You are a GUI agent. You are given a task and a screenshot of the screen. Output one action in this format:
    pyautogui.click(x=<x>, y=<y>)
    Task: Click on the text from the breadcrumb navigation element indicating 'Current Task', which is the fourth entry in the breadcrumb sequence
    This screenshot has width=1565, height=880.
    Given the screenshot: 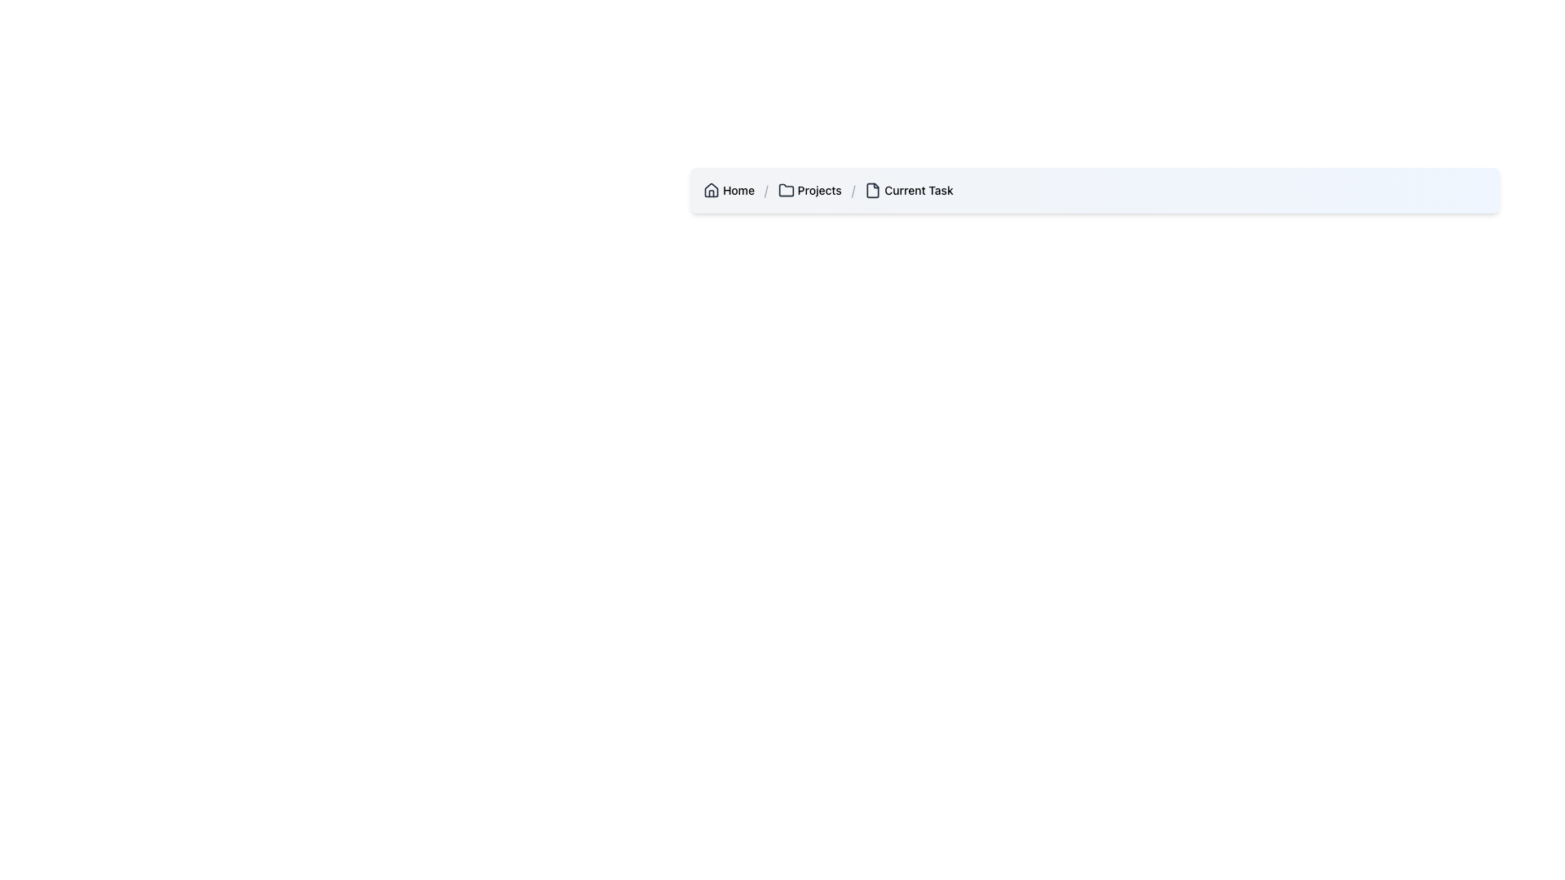 What is the action you would take?
    pyautogui.click(x=908, y=190)
    